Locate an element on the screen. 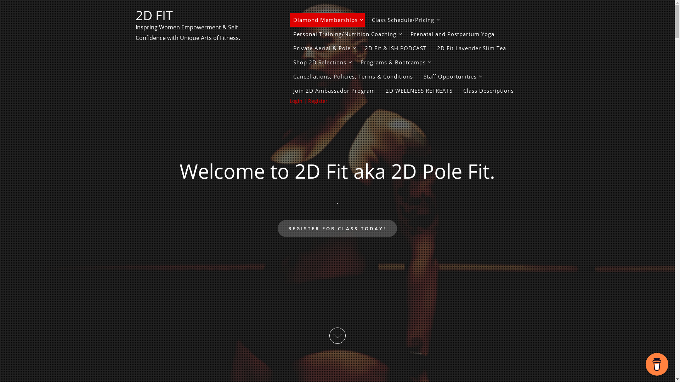  'Prenatal and Postpartum Yoga' is located at coordinates (452, 34).